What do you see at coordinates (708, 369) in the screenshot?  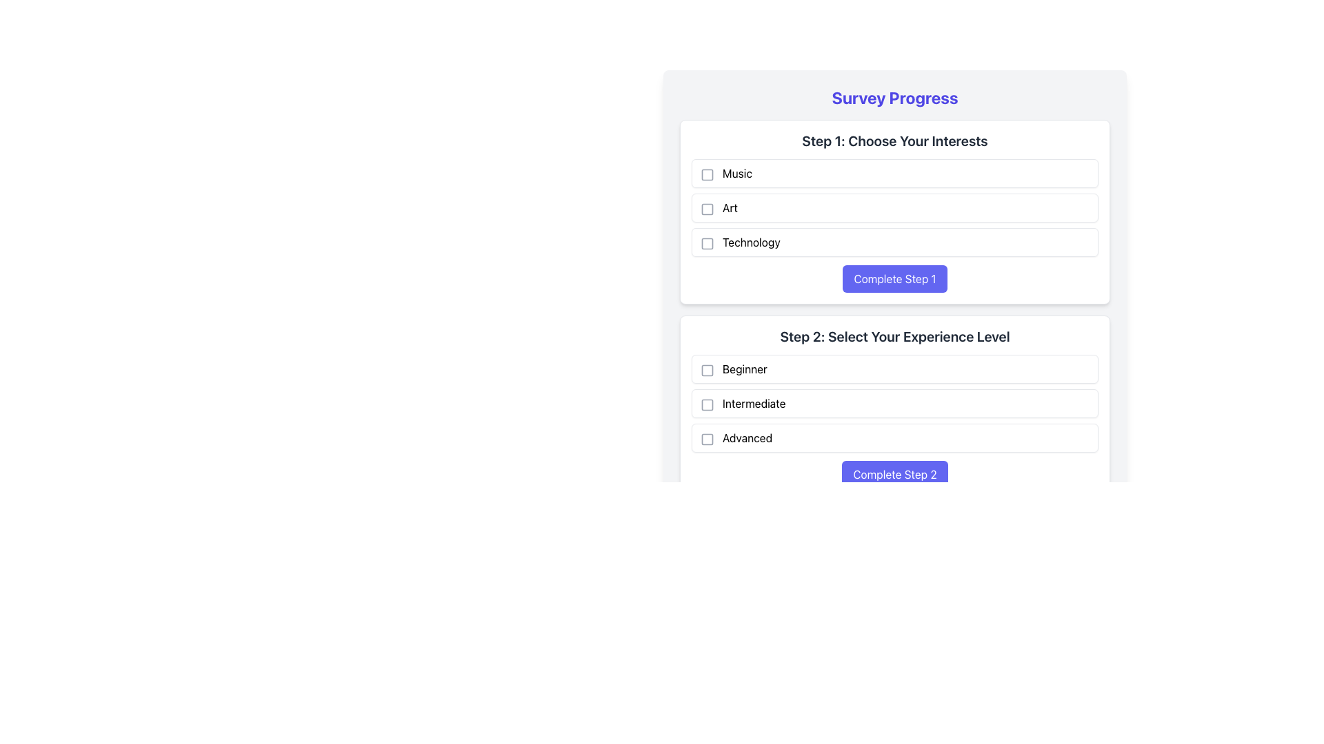 I see `the Checkbox for the 'Beginner' option, which is a square icon located to the left of the text 'Beginner' in the selection list under 'Step 2: Select Your Experience Level'` at bounding box center [708, 369].